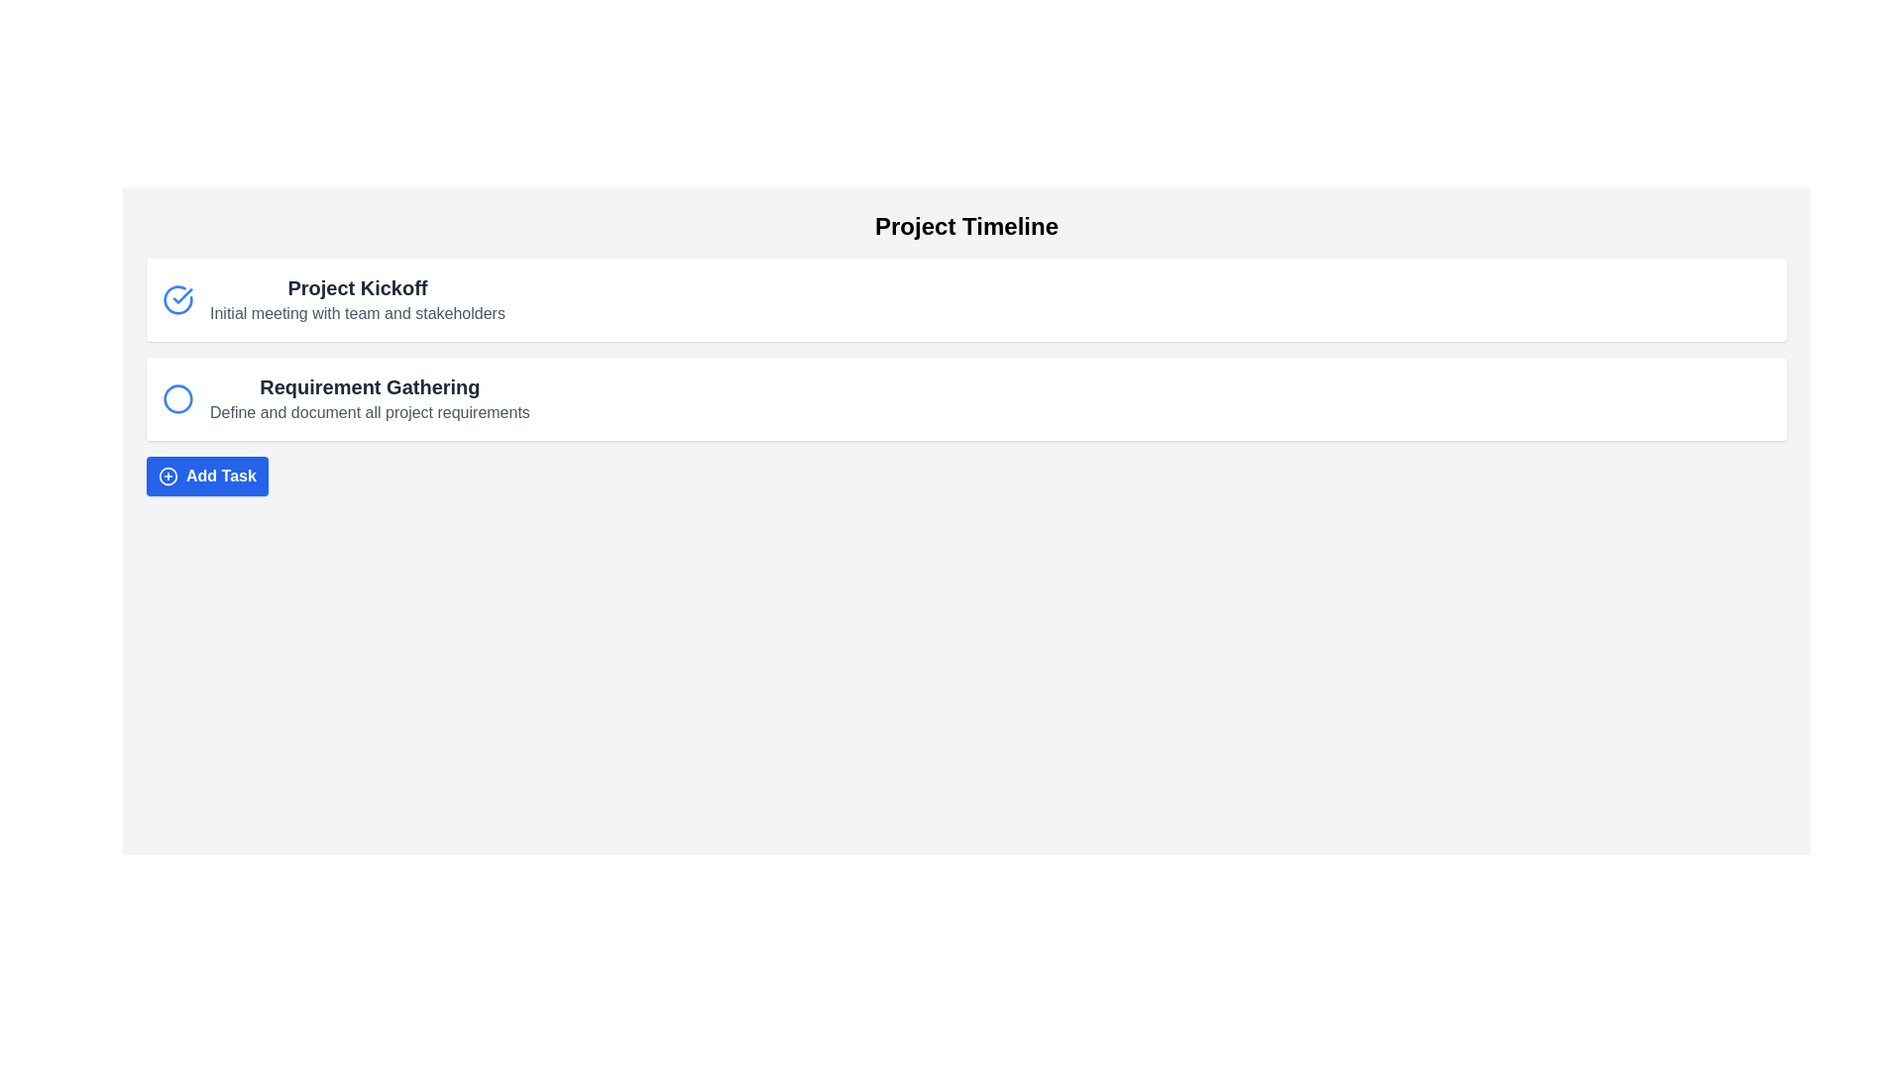 The width and height of the screenshot is (1903, 1070). What do you see at coordinates (178, 398) in the screenshot?
I see `the second circular icon styled with a border, located to the left of the 'Requirement Gathering' task label` at bounding box center [178, 398].